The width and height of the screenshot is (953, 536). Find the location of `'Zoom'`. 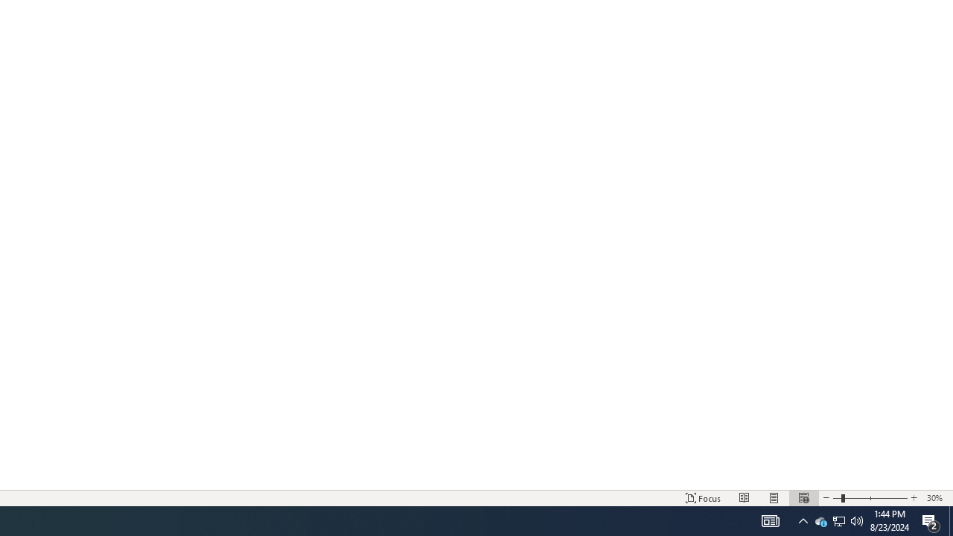

'Zoom' is located at coordinates (870, 498).